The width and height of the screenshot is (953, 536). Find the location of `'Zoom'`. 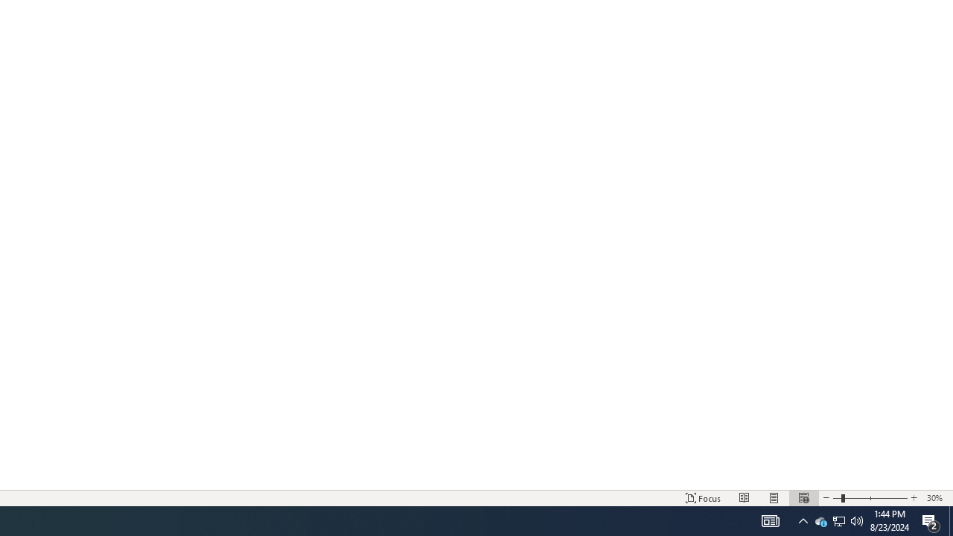

'Zoom' is located at coordinates (870, 498).